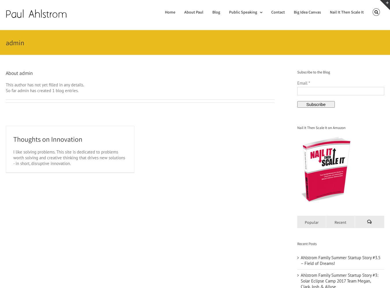 The height and width of the screenshot is (288, 390). What do you see at coordinates (5, 84) in the screenshot?
I see `'This author has not yet filled in any details.'` at bounding box center [5, 84].